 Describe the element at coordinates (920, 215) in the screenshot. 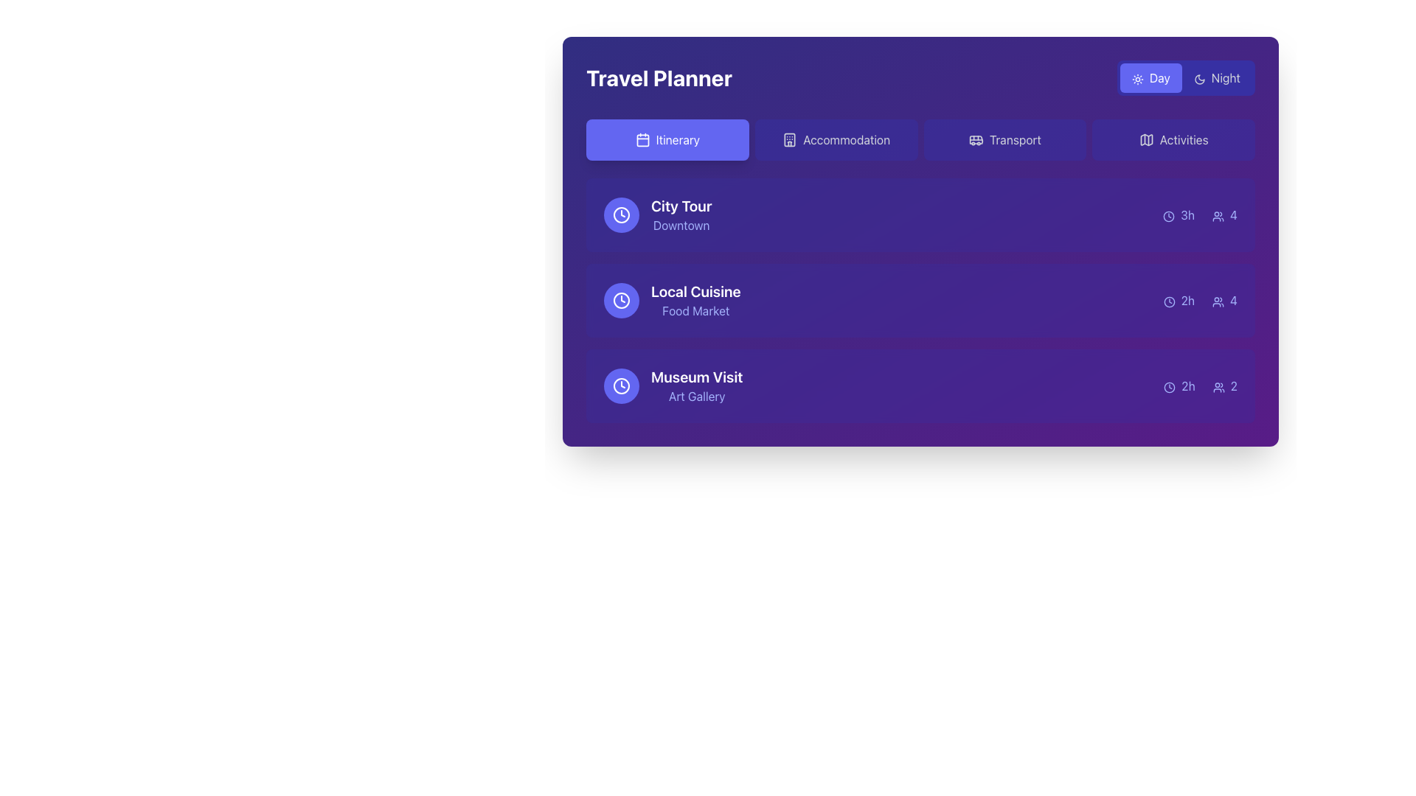

I see `the first row of the travel itinerary list that represents the 'City Tour' activity` at that location.